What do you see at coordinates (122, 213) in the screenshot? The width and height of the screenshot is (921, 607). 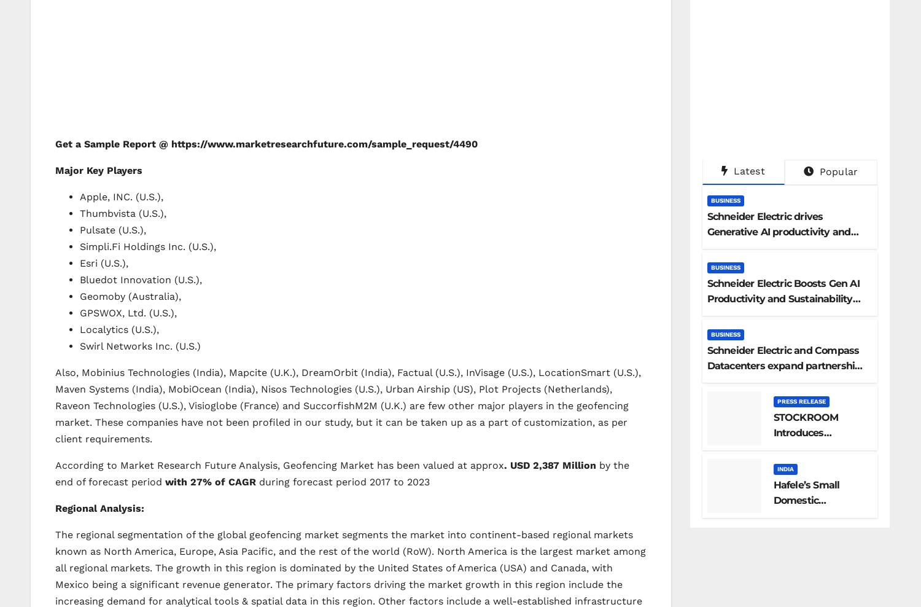 I see `'Thumbvista (U.S.),'` at bounding box center [122, 213].